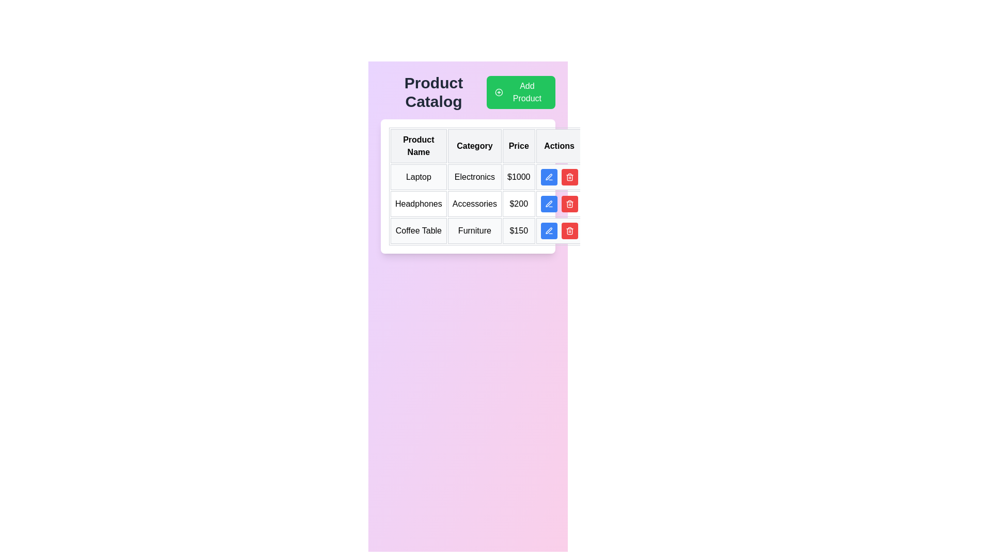 The height and width of the screenshot is (558, 992). Describe the element at coordinates (559, 230) in the screenshot. I see `the delete button for the 'Coffee Table' row` at that location.